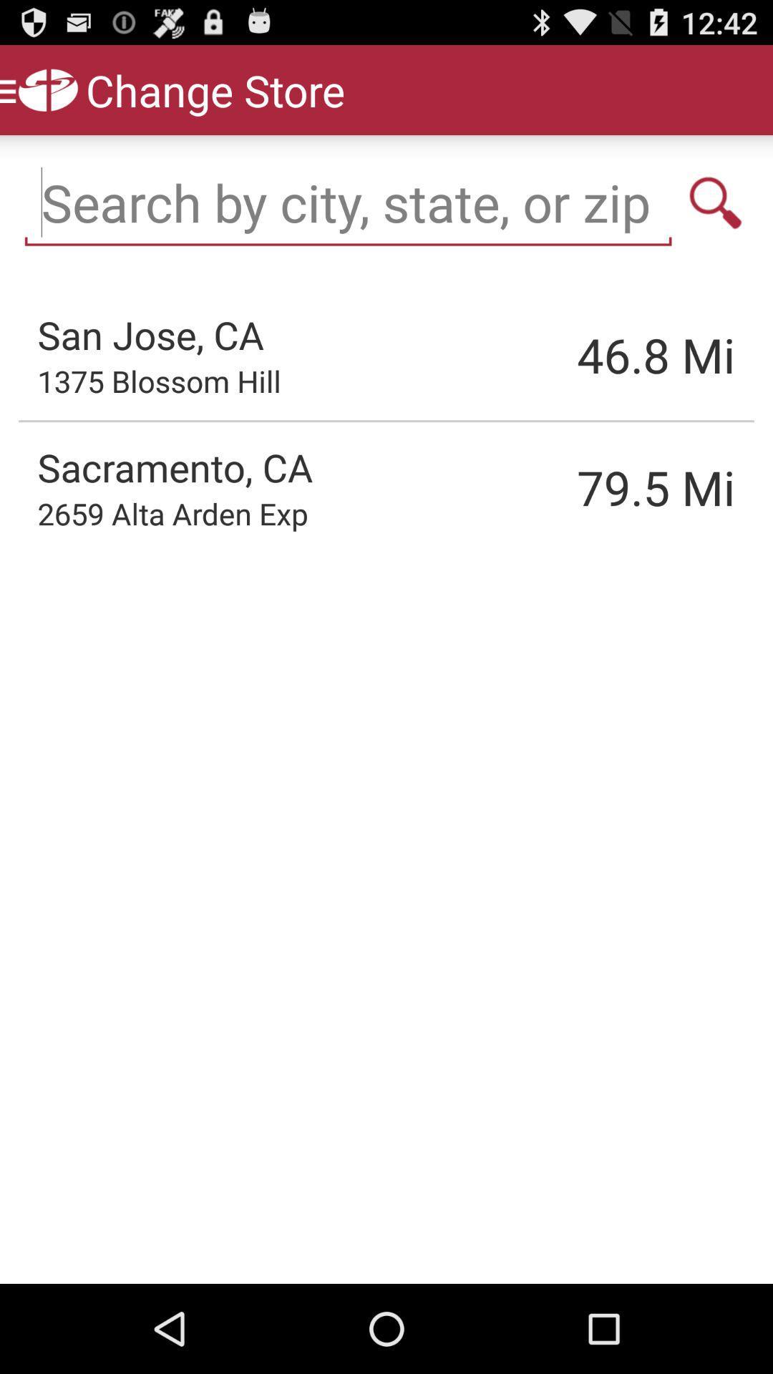 Image resolution: width=773 pixels, height=1374 pixels. I want to click on item to the left of the 79.5 icon, so click(172, 513).